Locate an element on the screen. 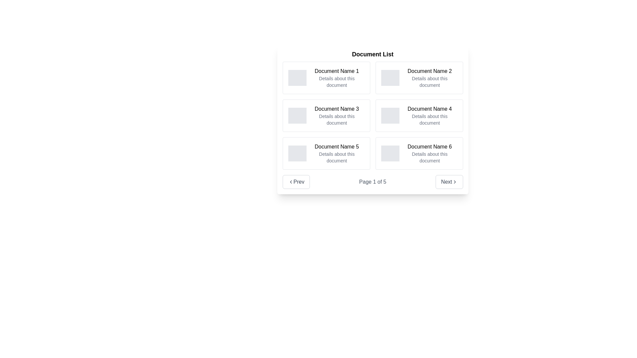 Image resolution: width=637 pixels, height=358 pixels. the text label component providing supportive details related to 'Document Name 1', located in the top-left card of a 2x3 grid layout is located at coordinates (337, 81).